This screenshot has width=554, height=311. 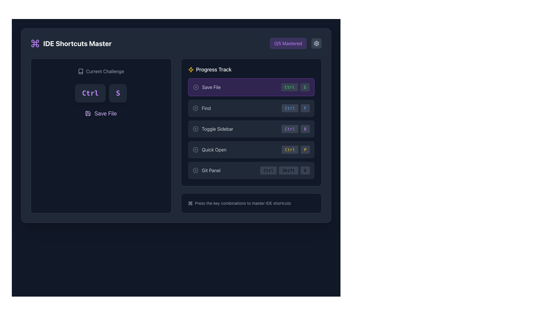 I want to click on the 'Ctrl' key text label, which indicates part of the keyboard shortcut for 'Toggle Sidebar' in the 'Progress Track' section, so click(x=290, y=128).